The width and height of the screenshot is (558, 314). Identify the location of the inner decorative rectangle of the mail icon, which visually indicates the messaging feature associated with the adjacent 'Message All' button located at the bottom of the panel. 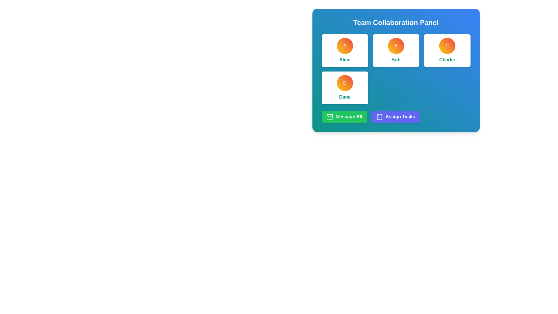
(330, 117).